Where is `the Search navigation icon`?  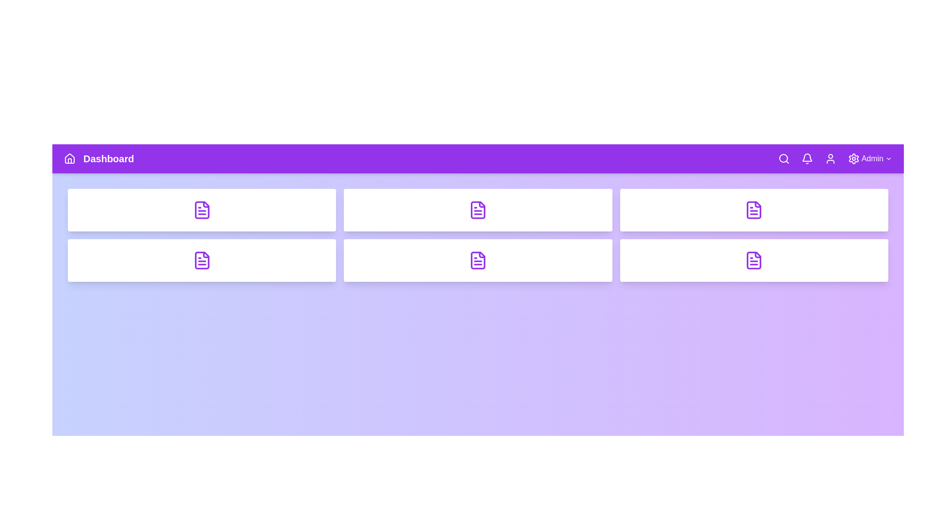 the Search navigation icon is located at coordinates (784, 158).